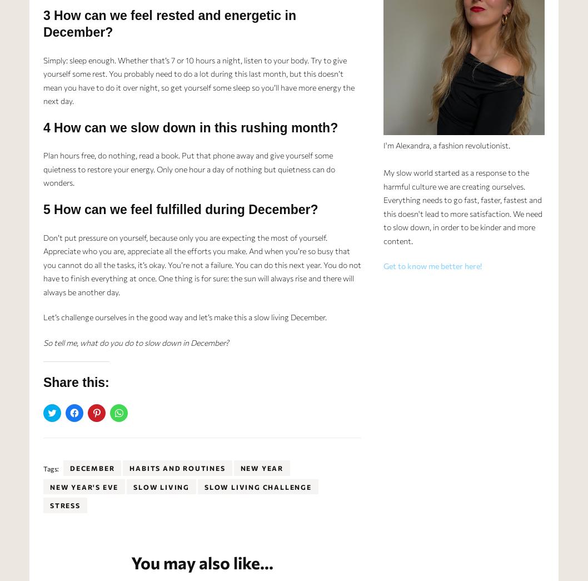 The height and width of the screenshot is (581, 588). Describe the element at coordinates (188, 168) in the screenshot. I see `'Plan hours free, do nothing, read a book. Put that phone away and give yourself some quietness to restore your energy. Only one hour a day of nothing but quietness can do wonders.'` at that location.